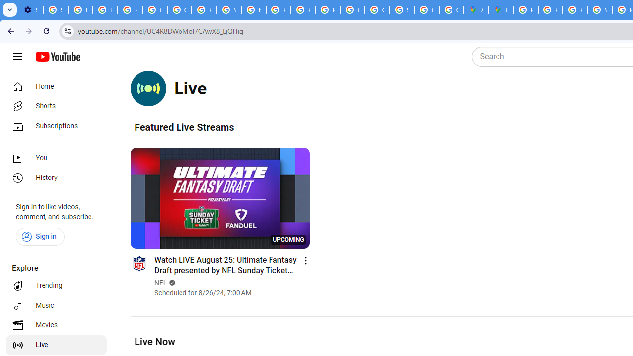 This screenshot has height=356, width=633. I want to click on 'Delete photos & videos - Computer - Google Photos Help', so click(81, 10).